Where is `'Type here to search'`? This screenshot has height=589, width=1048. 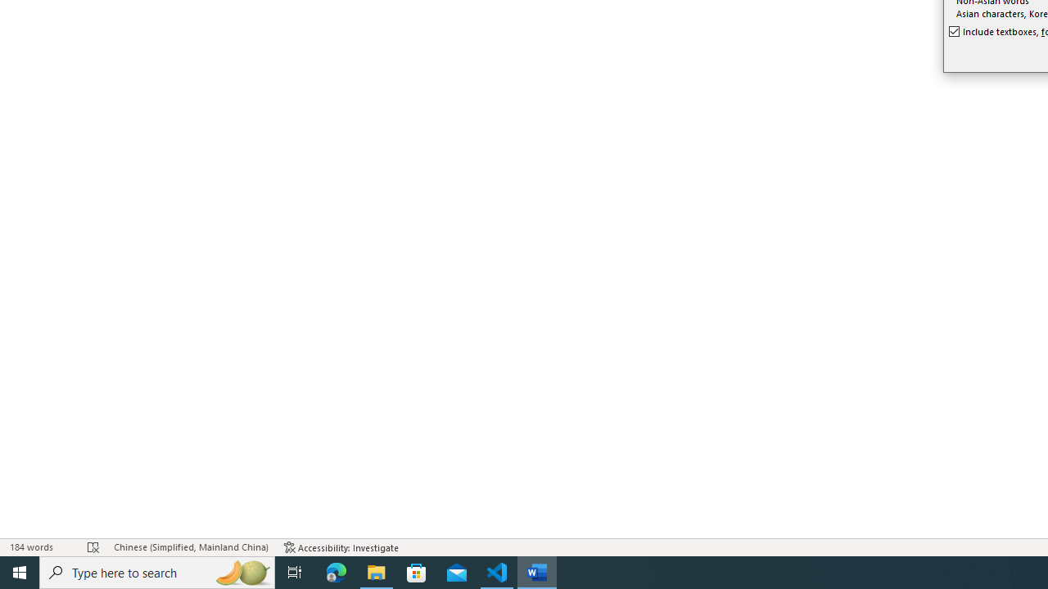
'Type here to search' is located at coordinates (157, 571).